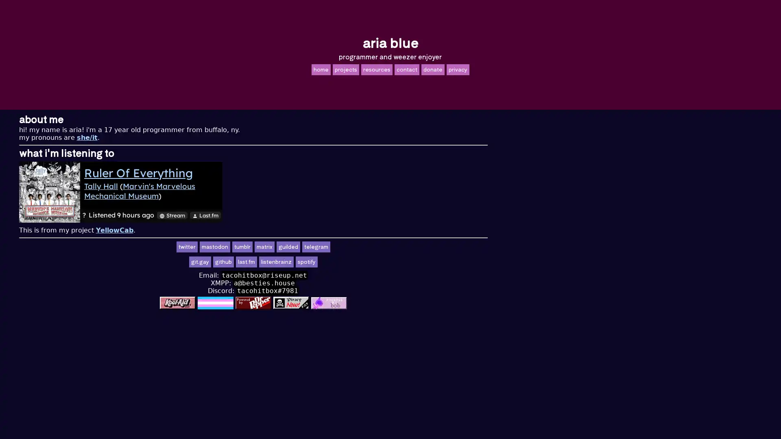  I want to click on matrix, so click(401, 246).